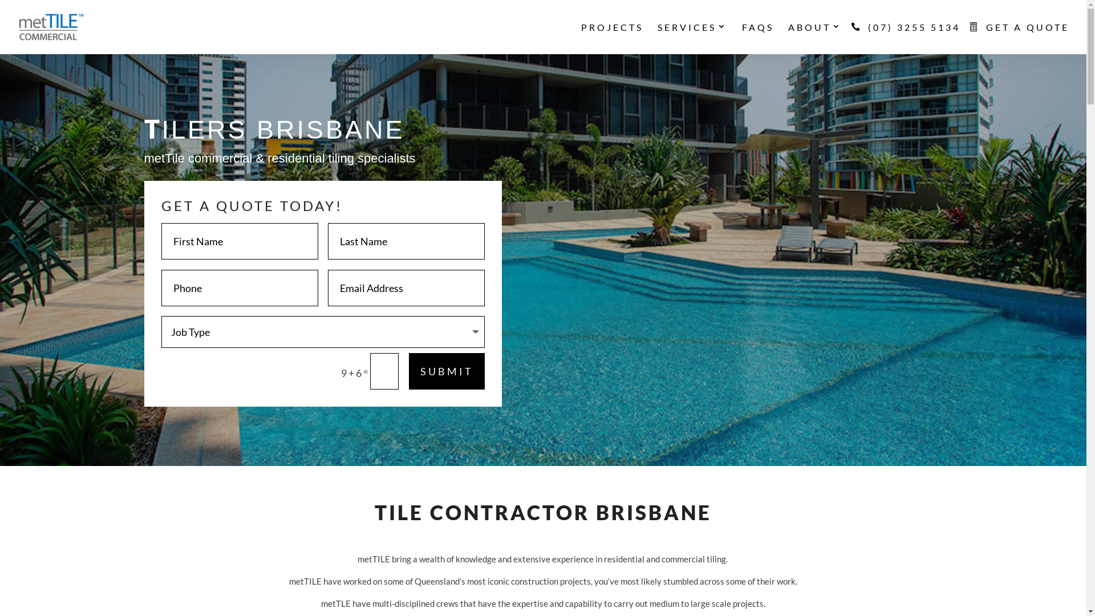  Describe the element at coordinates (814, 38) in the screenshot. I see `'ABOUT'` at that location.